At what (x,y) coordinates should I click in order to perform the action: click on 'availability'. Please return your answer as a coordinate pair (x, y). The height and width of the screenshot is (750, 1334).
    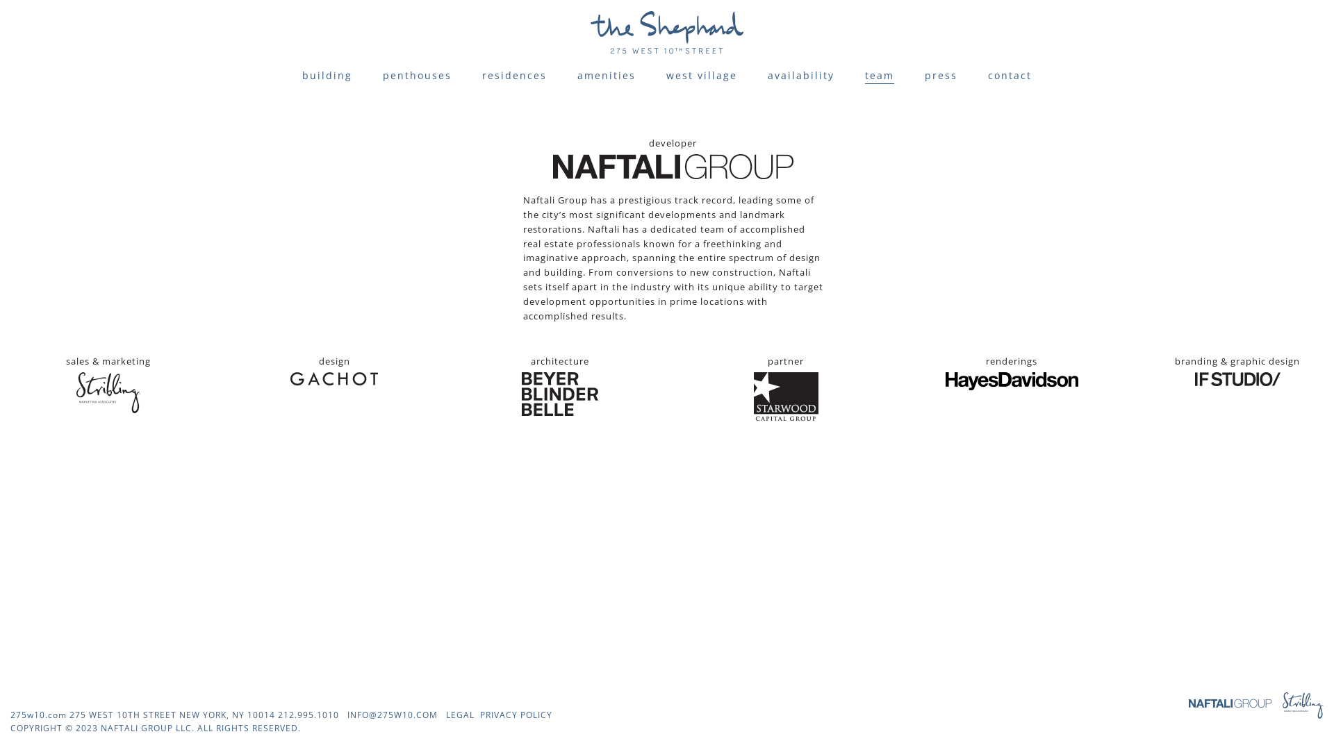
    Looking at the image, I should click on (800, 75).